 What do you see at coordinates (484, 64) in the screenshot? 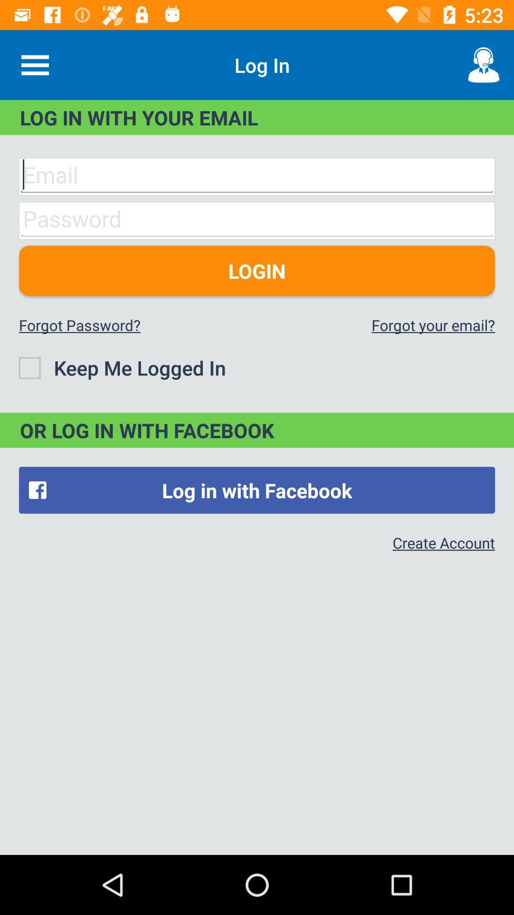
I see `the icon to the right of the log in` at bounding box center [484, 64].